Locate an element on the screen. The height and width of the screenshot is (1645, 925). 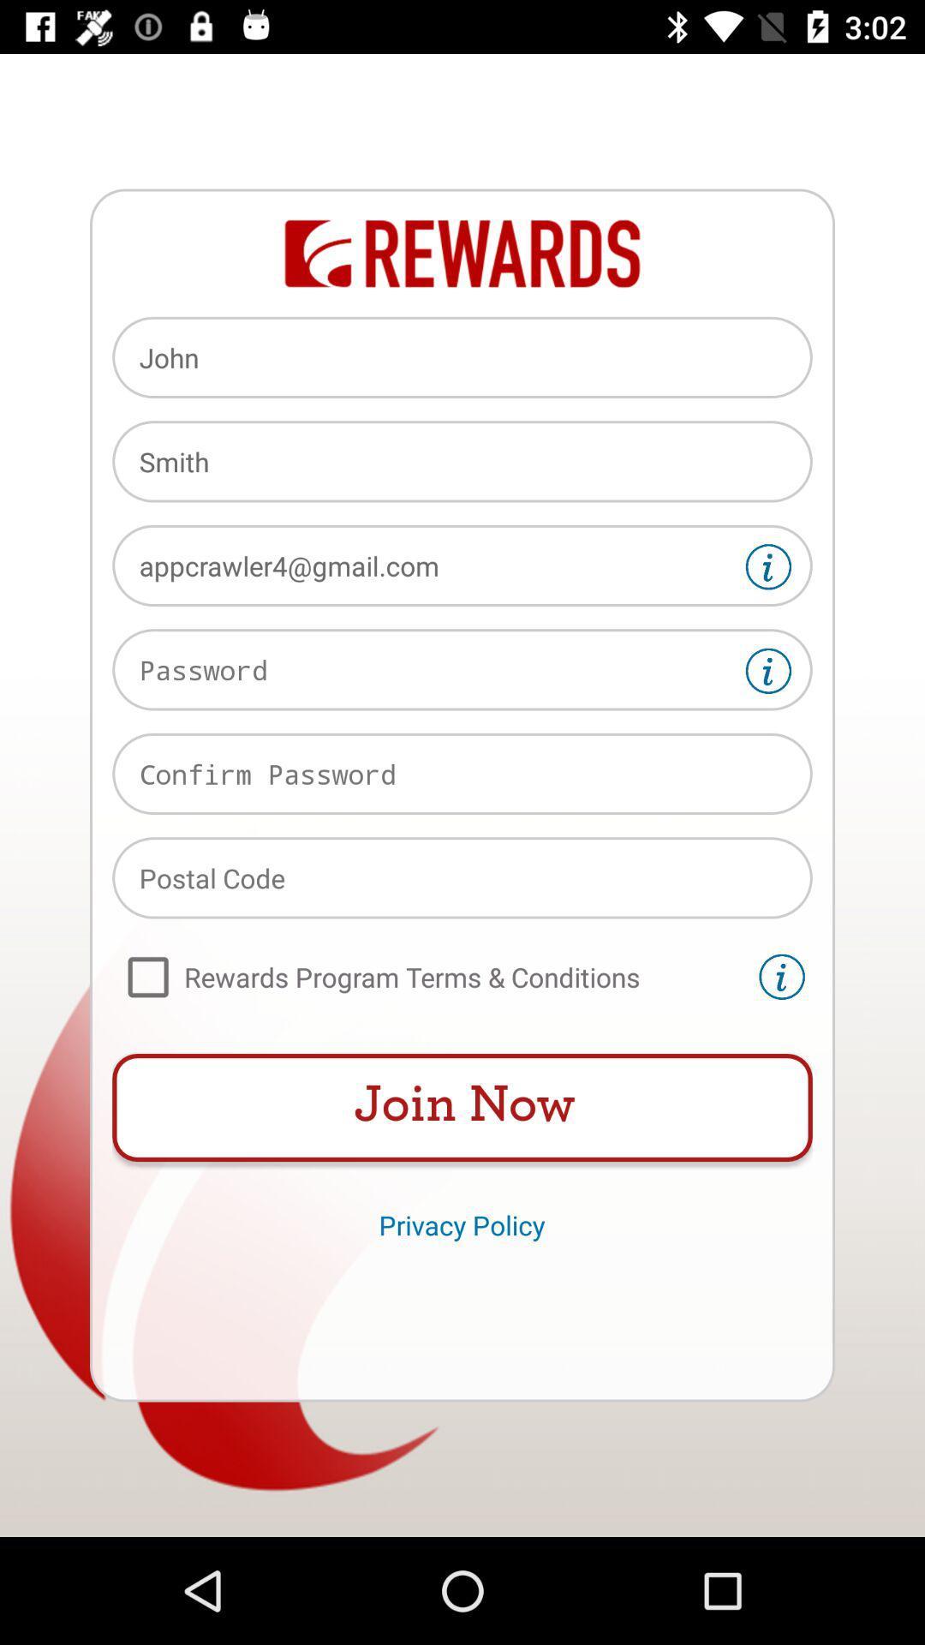
rewards program terms is located at coordinates (431, 977).